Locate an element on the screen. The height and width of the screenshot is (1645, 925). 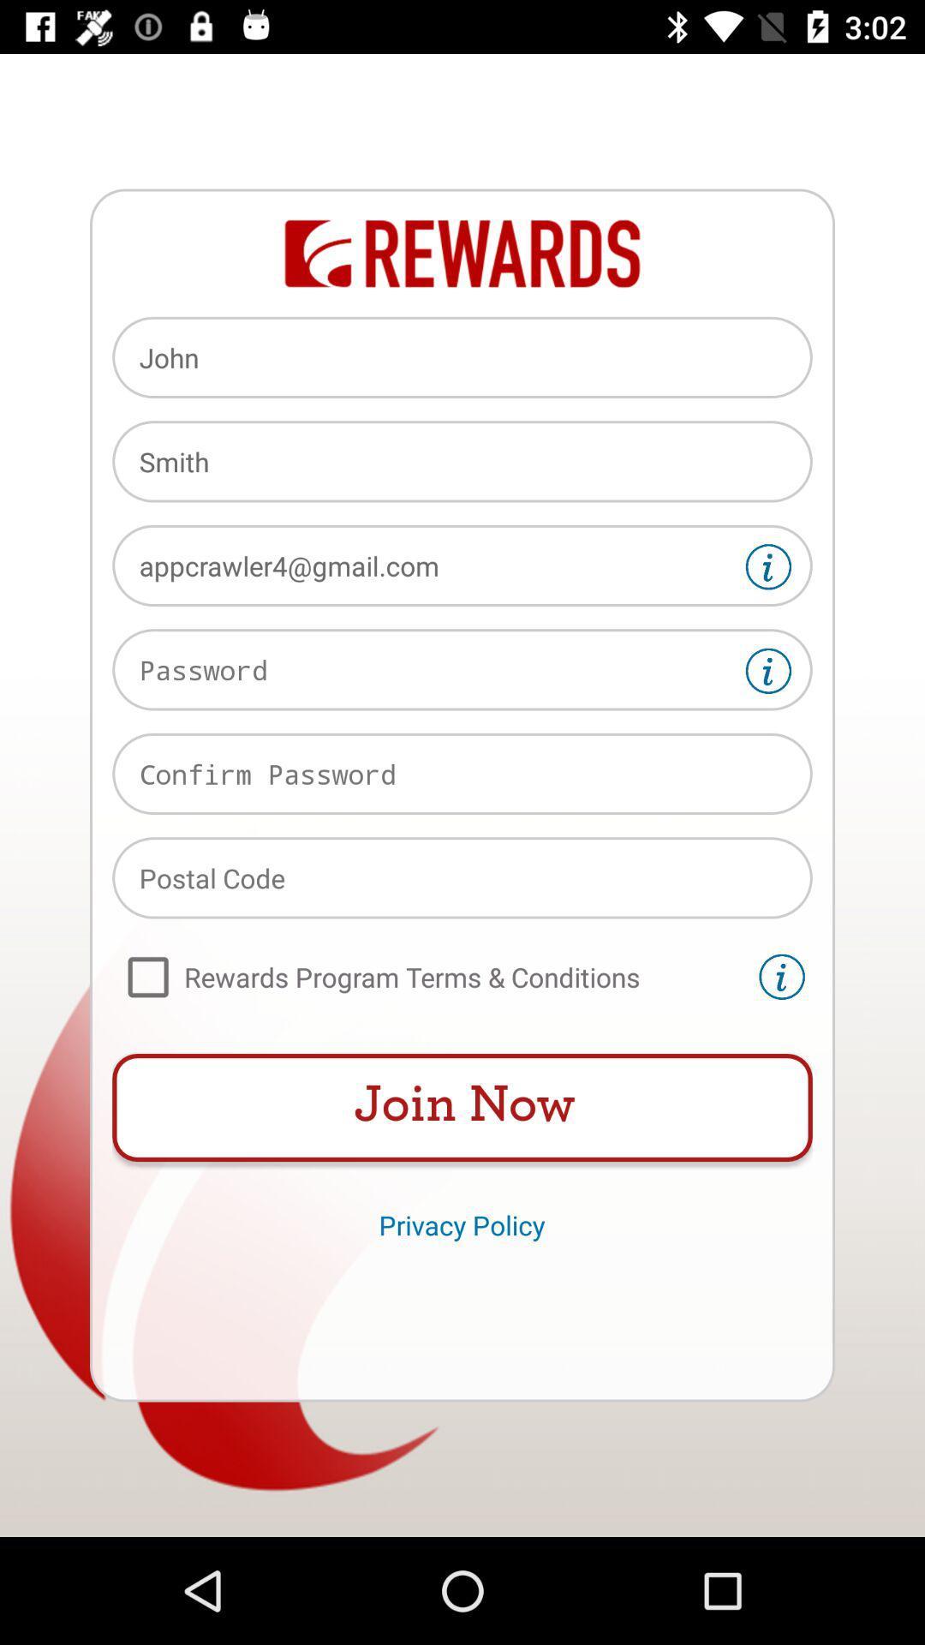
rewards program terms is located at coordinates (431, 977).